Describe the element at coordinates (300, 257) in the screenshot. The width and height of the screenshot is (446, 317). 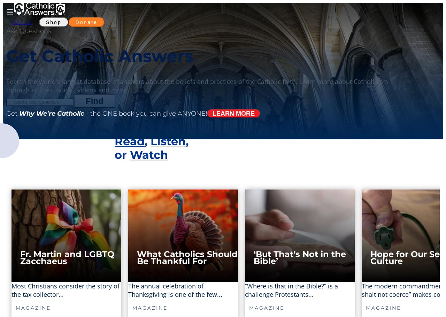
I see `'‘But That’s Not in the Bible’'` at that location.